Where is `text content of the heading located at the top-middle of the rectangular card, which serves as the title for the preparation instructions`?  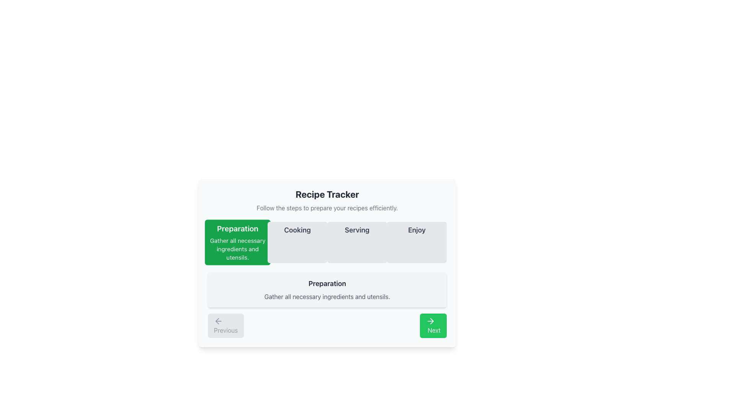
text content of the heading located at the top-middle of the rectangular card, which serves as the title for the preparation instructions is located at coordinates (327, 283).